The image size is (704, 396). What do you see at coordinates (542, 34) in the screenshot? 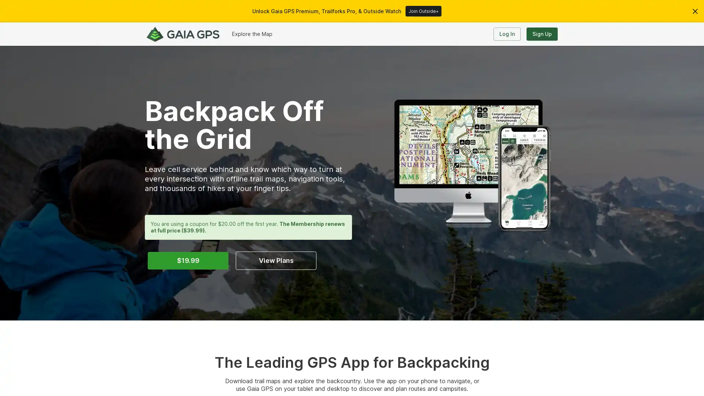
I see `Sign Up` at bounding box center [542, 34].